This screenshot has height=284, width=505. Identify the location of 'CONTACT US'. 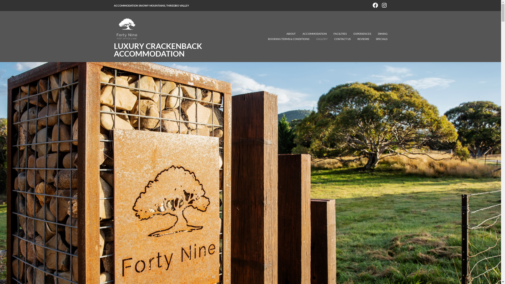
(328, 39).